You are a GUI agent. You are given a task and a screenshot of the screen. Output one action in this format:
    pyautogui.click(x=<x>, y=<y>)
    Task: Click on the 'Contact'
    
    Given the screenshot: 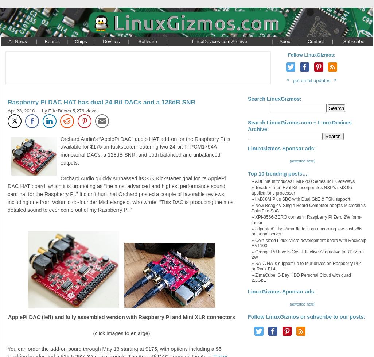 What is the action you would take?
    pyautogui.click(x=315, y=41)
    